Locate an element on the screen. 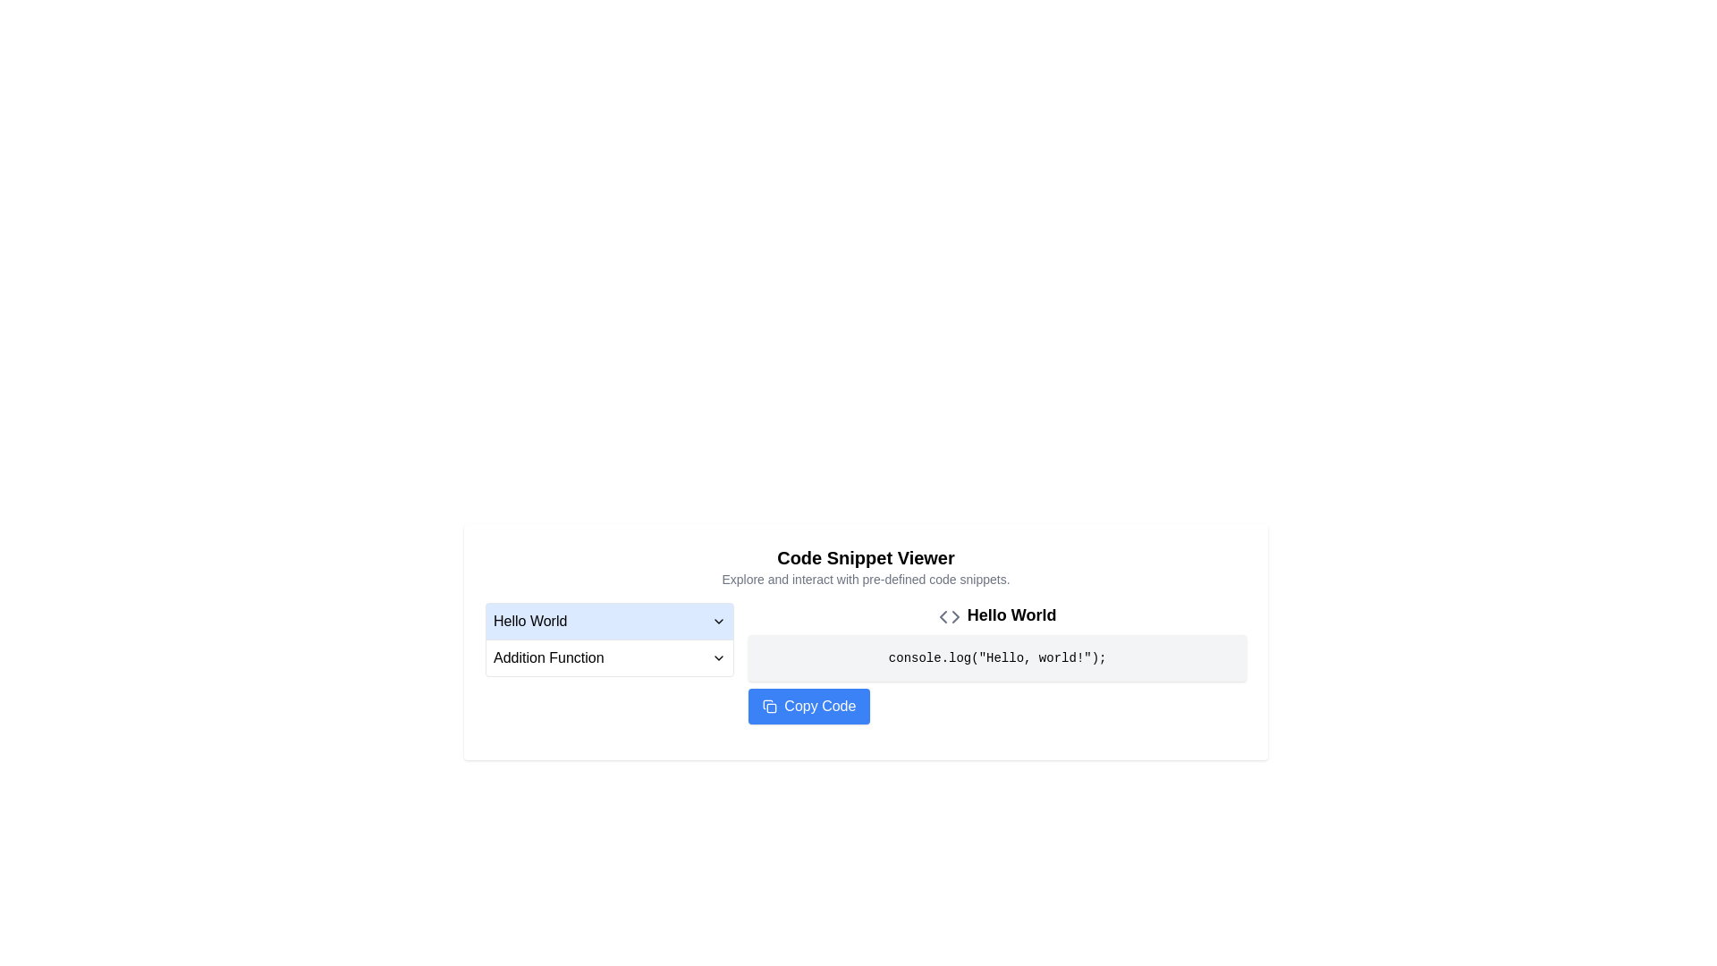 The width and height of the screenshot is (1717, 966). the Label or Header that serves as a title for the code snippet, located centrally above the code block is located at coordinates (996, 614).